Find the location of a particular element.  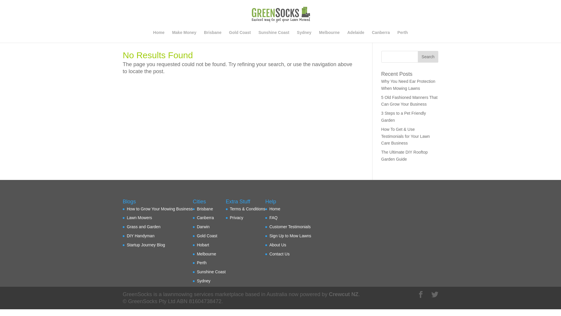

'Hobart' is located at coordinates (203, 245).